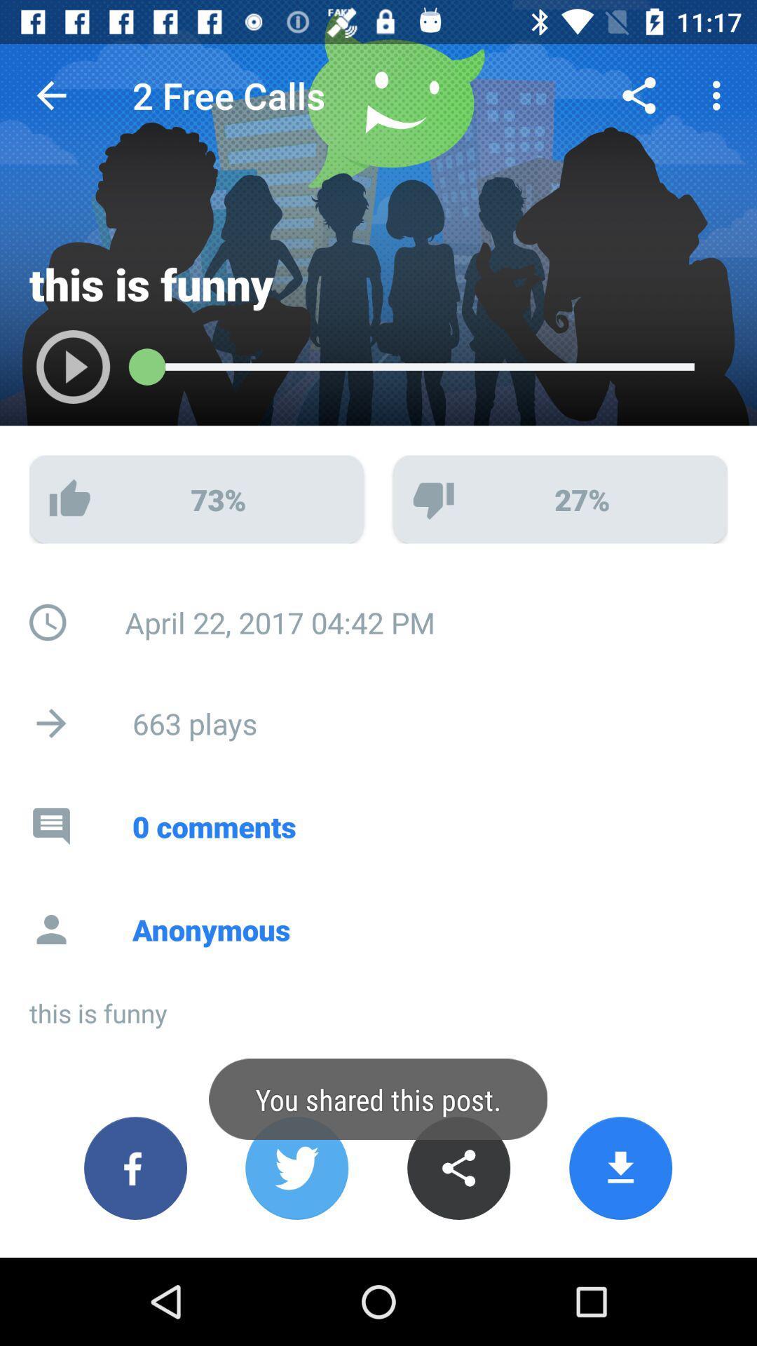 This screenshot has width=757, height=1346. What do you see at coordinates (58, 374) in the screenshot?
I see `the play icon` at bounding box center [58, 374].